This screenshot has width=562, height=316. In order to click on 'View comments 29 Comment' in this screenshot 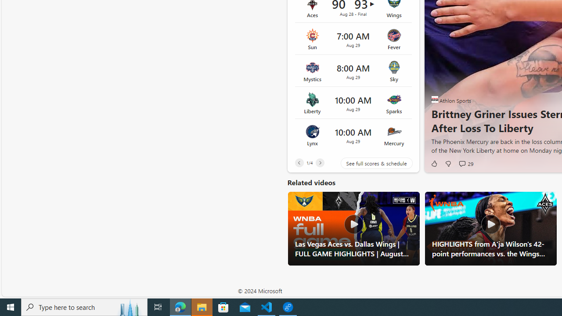, I will do `click(461, 163)`.